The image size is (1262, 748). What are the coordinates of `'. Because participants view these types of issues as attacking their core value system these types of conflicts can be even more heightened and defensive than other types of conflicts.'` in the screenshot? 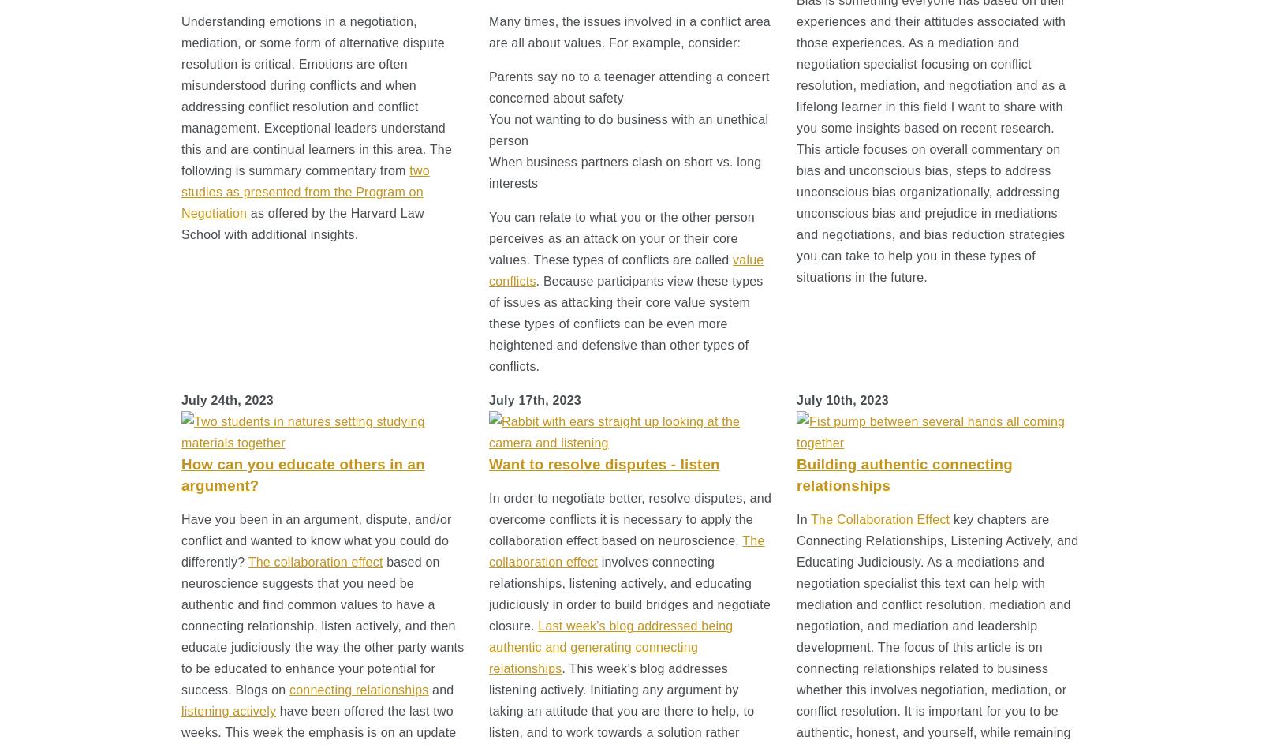 It's located at (489, 323).